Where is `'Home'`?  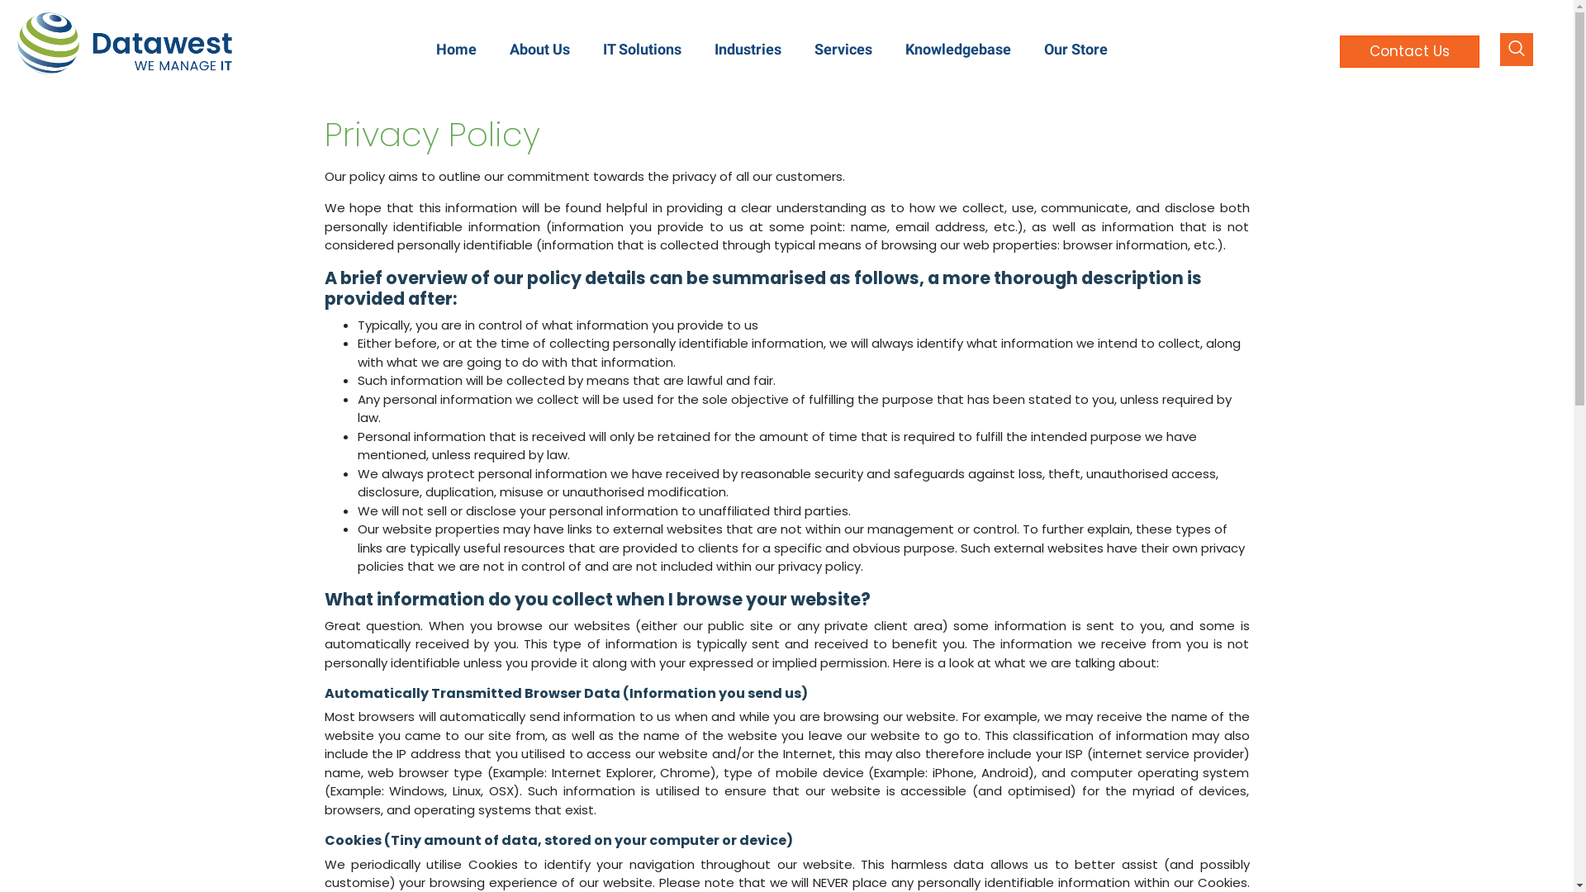 'Home' is located at coordinates (456, 48).